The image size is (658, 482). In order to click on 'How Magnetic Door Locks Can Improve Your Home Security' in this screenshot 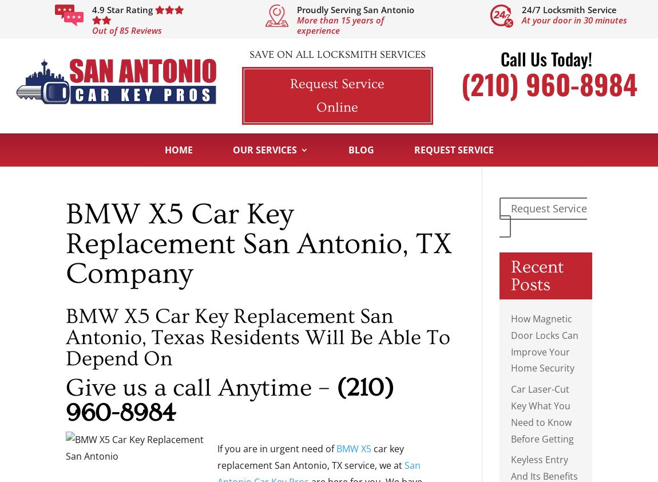, I will do `click(544, 342)`.